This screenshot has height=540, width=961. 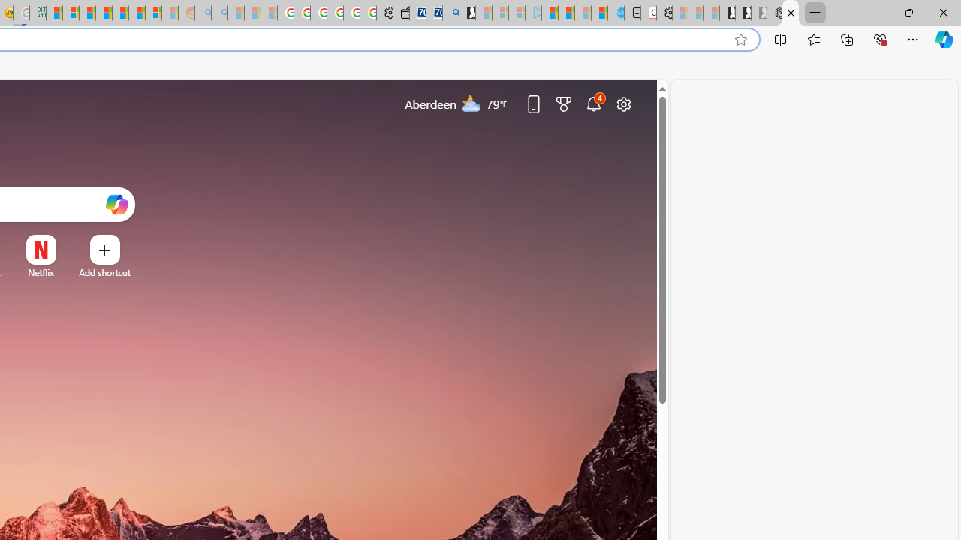 I want to click on 'Nordace - Nordace Siena Is Not An Ordinary Backpack', so click(x=774, y=13).